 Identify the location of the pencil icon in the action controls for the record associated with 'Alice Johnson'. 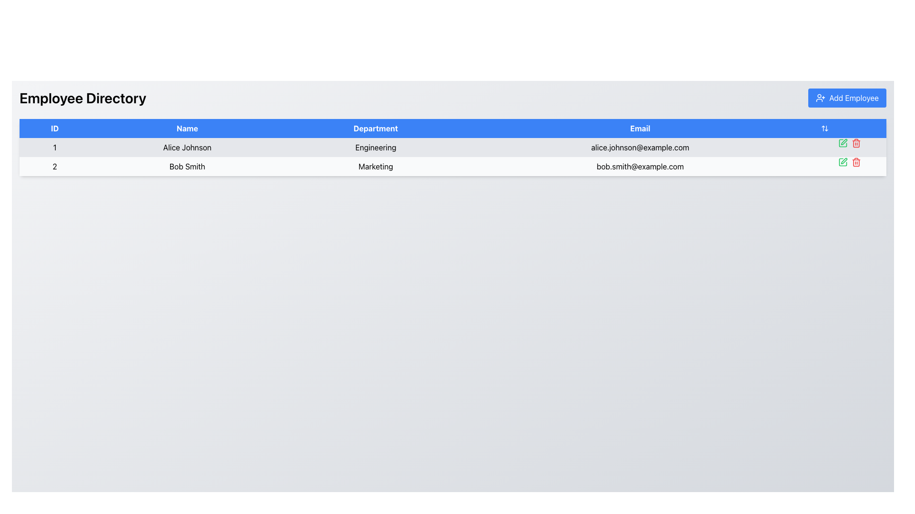
(850, 143).